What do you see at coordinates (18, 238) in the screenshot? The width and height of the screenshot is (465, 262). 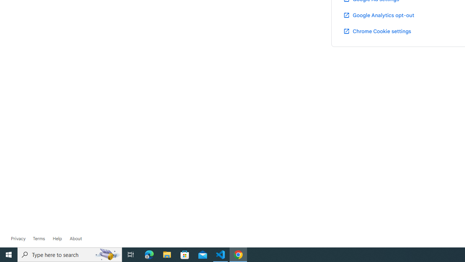 I see `'Privacy'` at bounding box center [18, 238].